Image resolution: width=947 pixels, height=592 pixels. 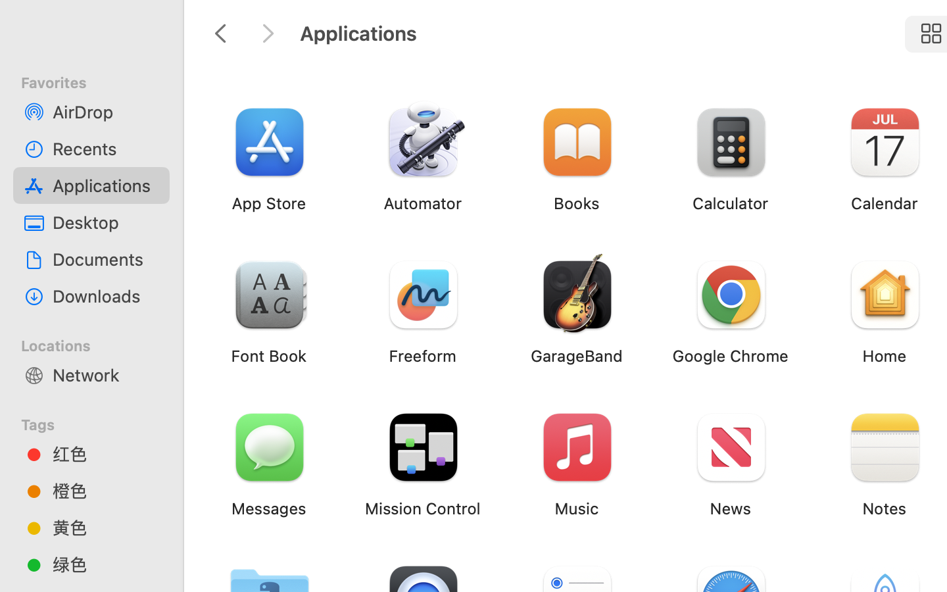 I want to click on 'Network', so click(x=105, y=374).